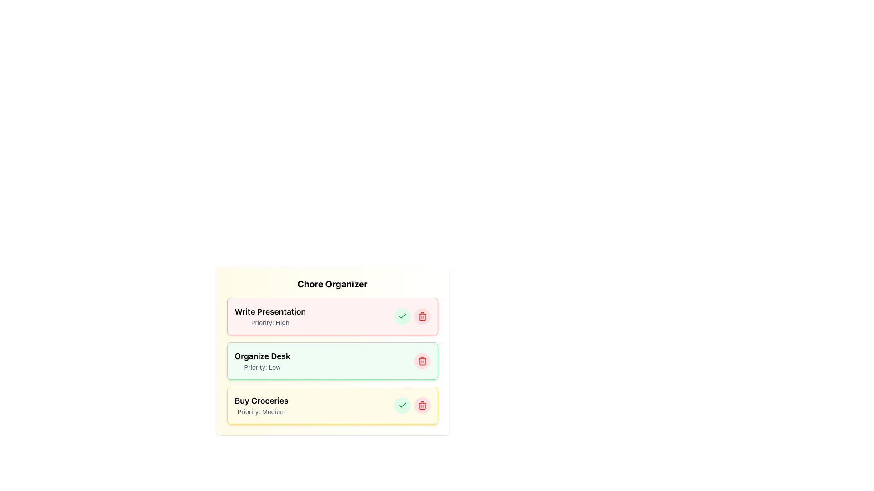 This screenshot has height=491, width=874. I want to click on the delete button located on the right side of the 'Organize Desk' task entry in the Chore Organizer section, so click(422, 361).